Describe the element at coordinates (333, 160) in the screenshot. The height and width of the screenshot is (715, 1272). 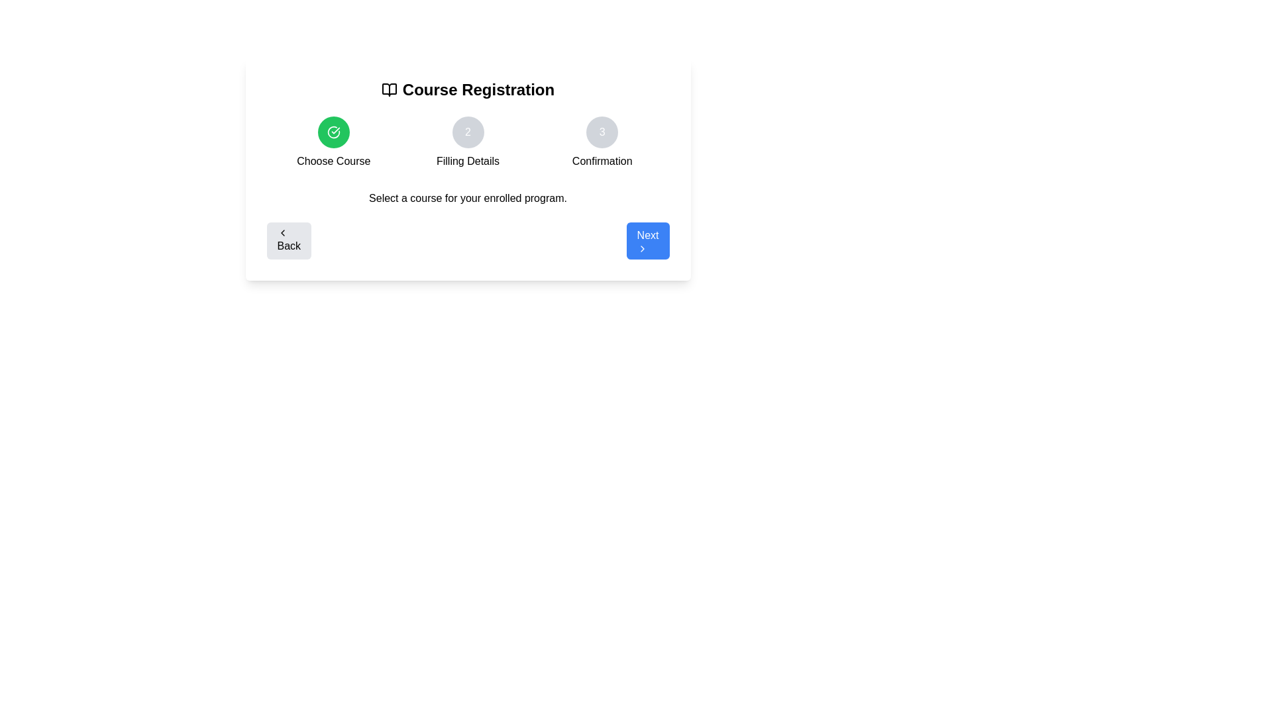
I see `the static text label that describes the 'Choose Course' step in the step-by-step process interface` at that location.